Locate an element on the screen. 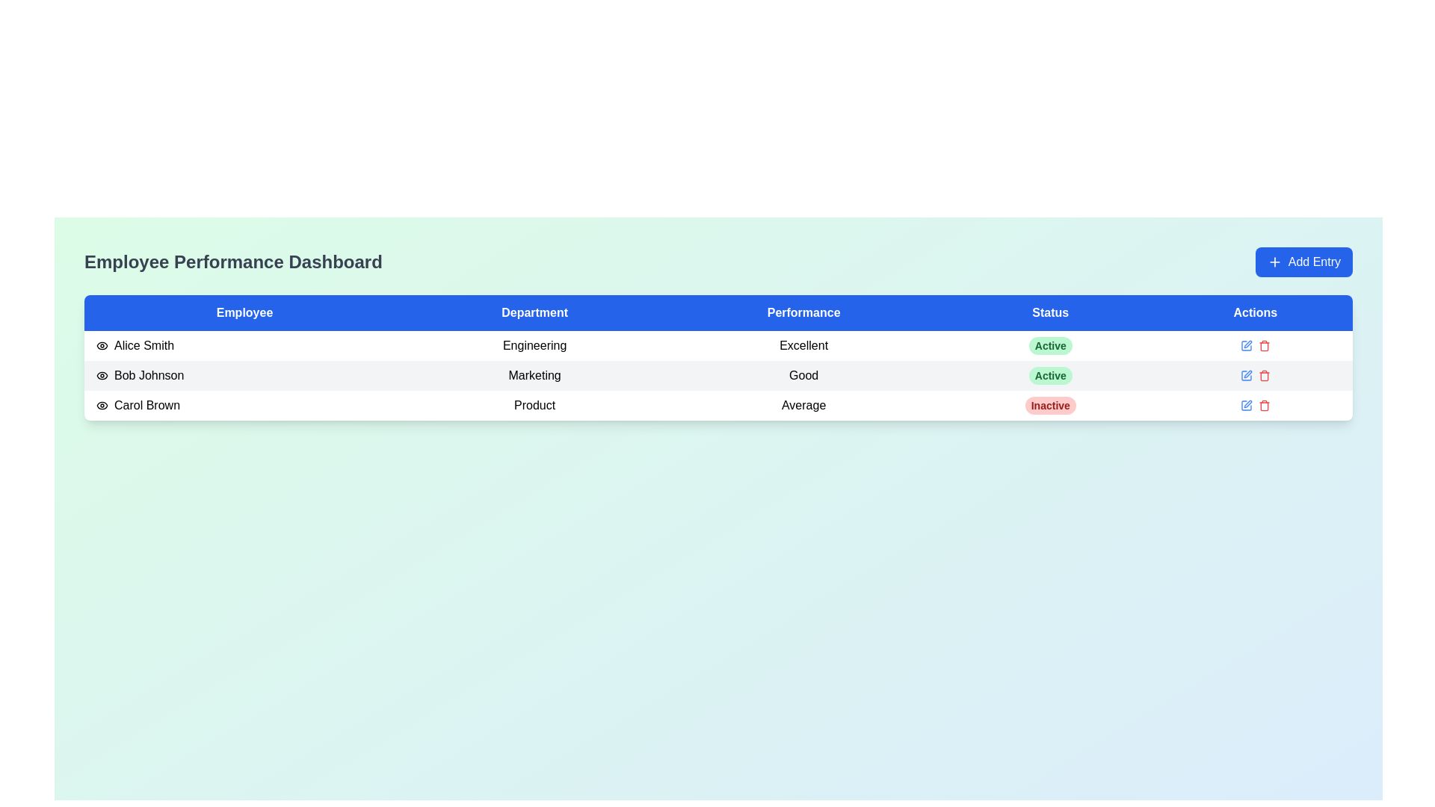 This screenshot has width=1435, height=807. text indicating the department associated with user 'Bob Johnson' located in the second row of the table under the column titled 'Department' is located at coordinates (534, 374).